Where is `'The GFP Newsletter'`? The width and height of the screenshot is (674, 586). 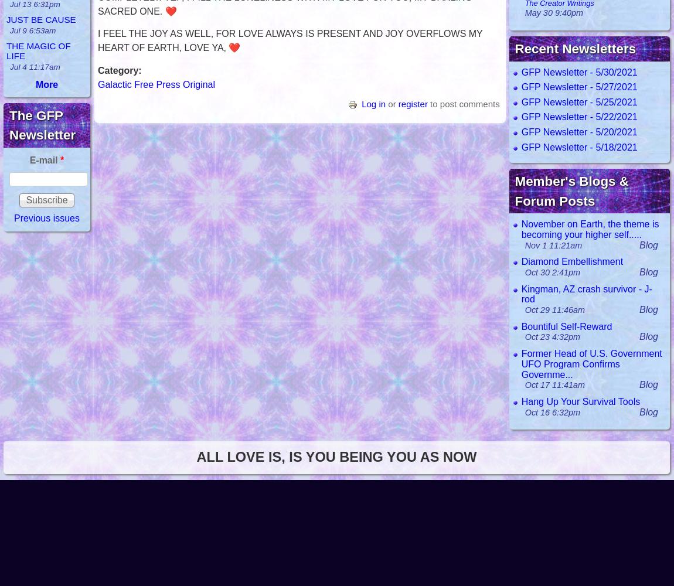
'The GFP Newsletter' is located at coordinates (42, 124).